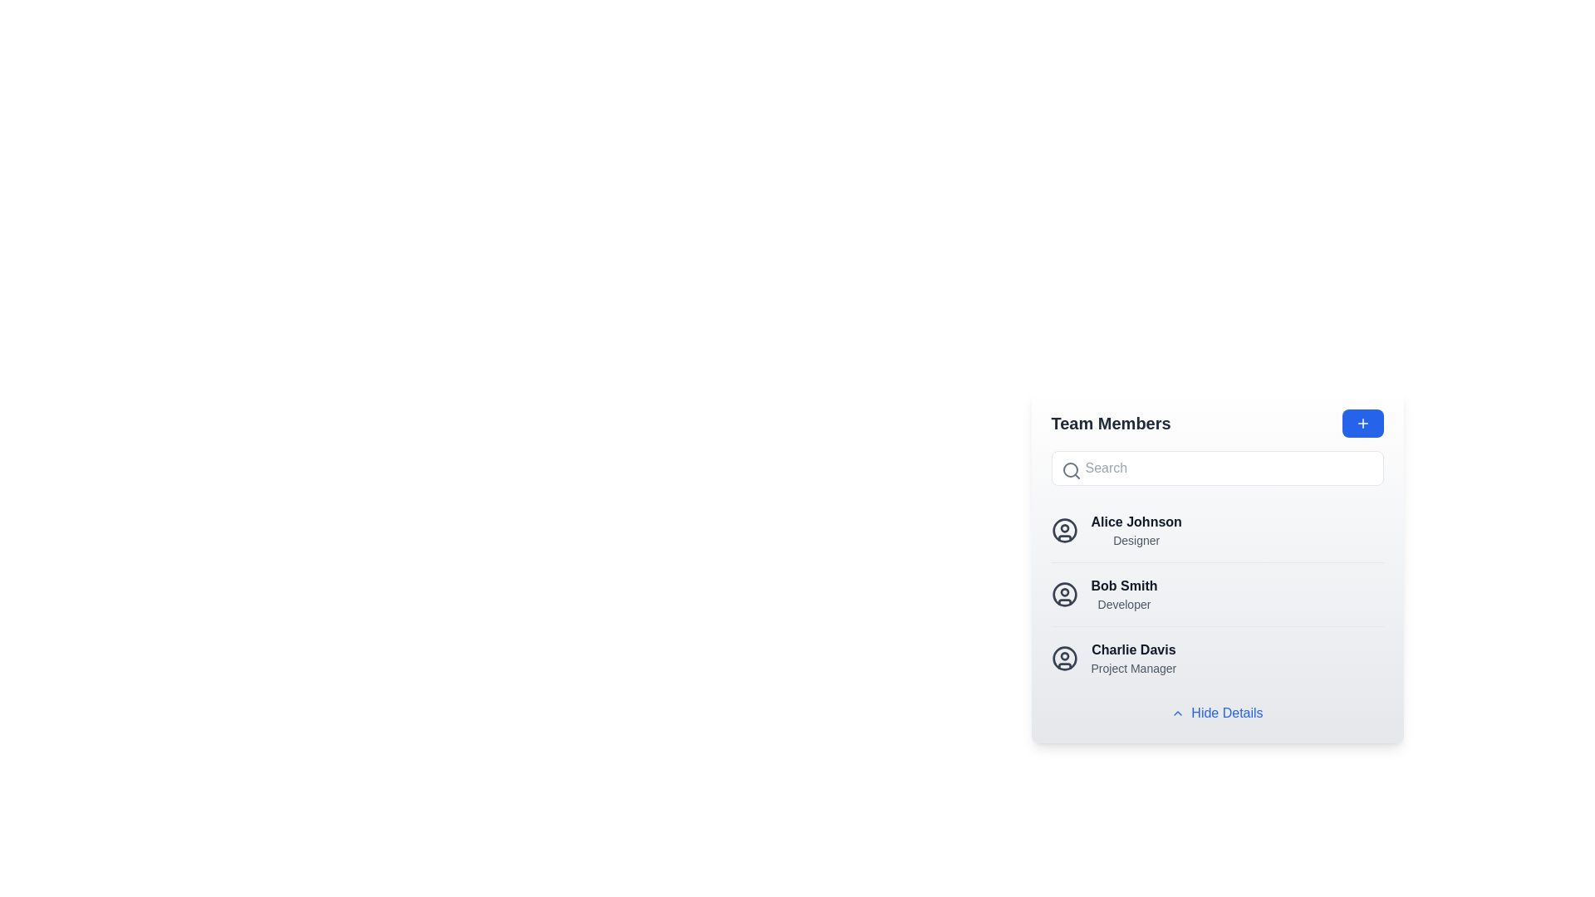 The width and height of the screenshot is (1595, 897). I want to click on the List item containing 'Bob Smith', so click(1217, 593).